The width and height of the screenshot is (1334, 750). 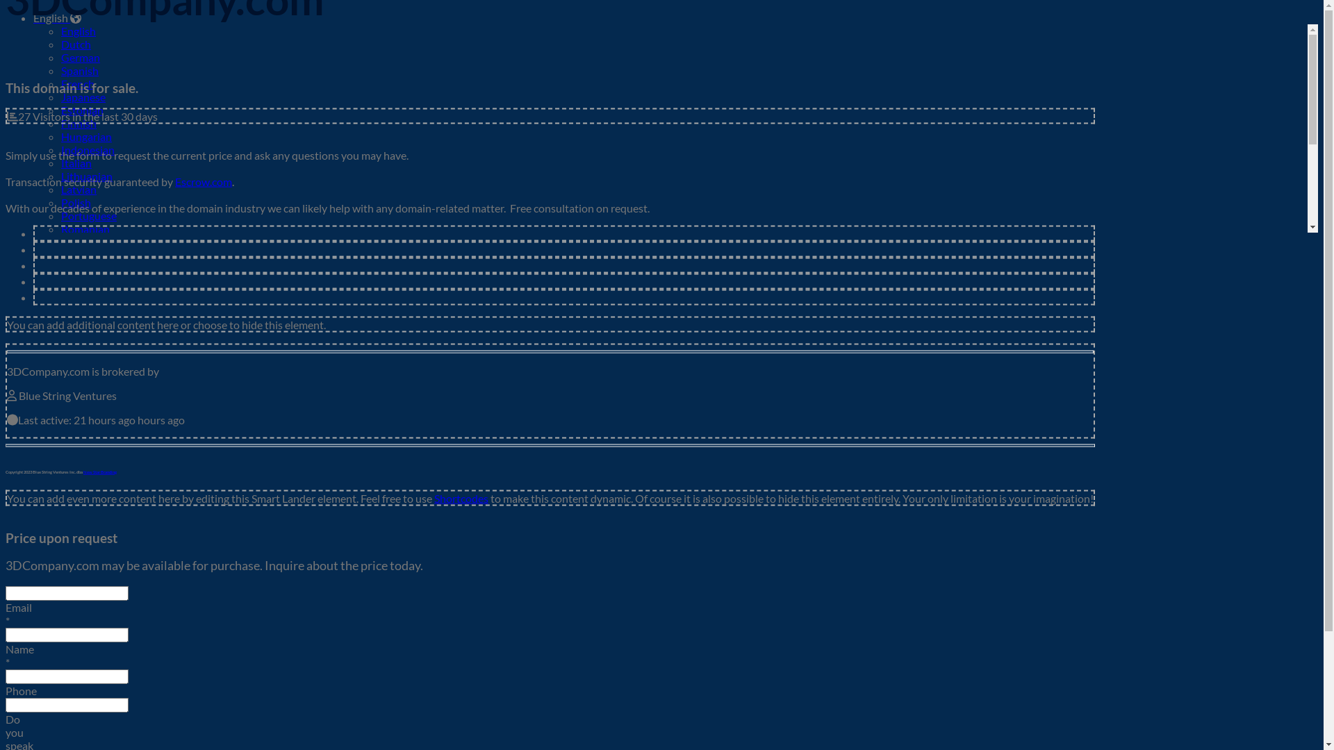 I want to click on 'Escrow.com', so click(x=202, y=181).